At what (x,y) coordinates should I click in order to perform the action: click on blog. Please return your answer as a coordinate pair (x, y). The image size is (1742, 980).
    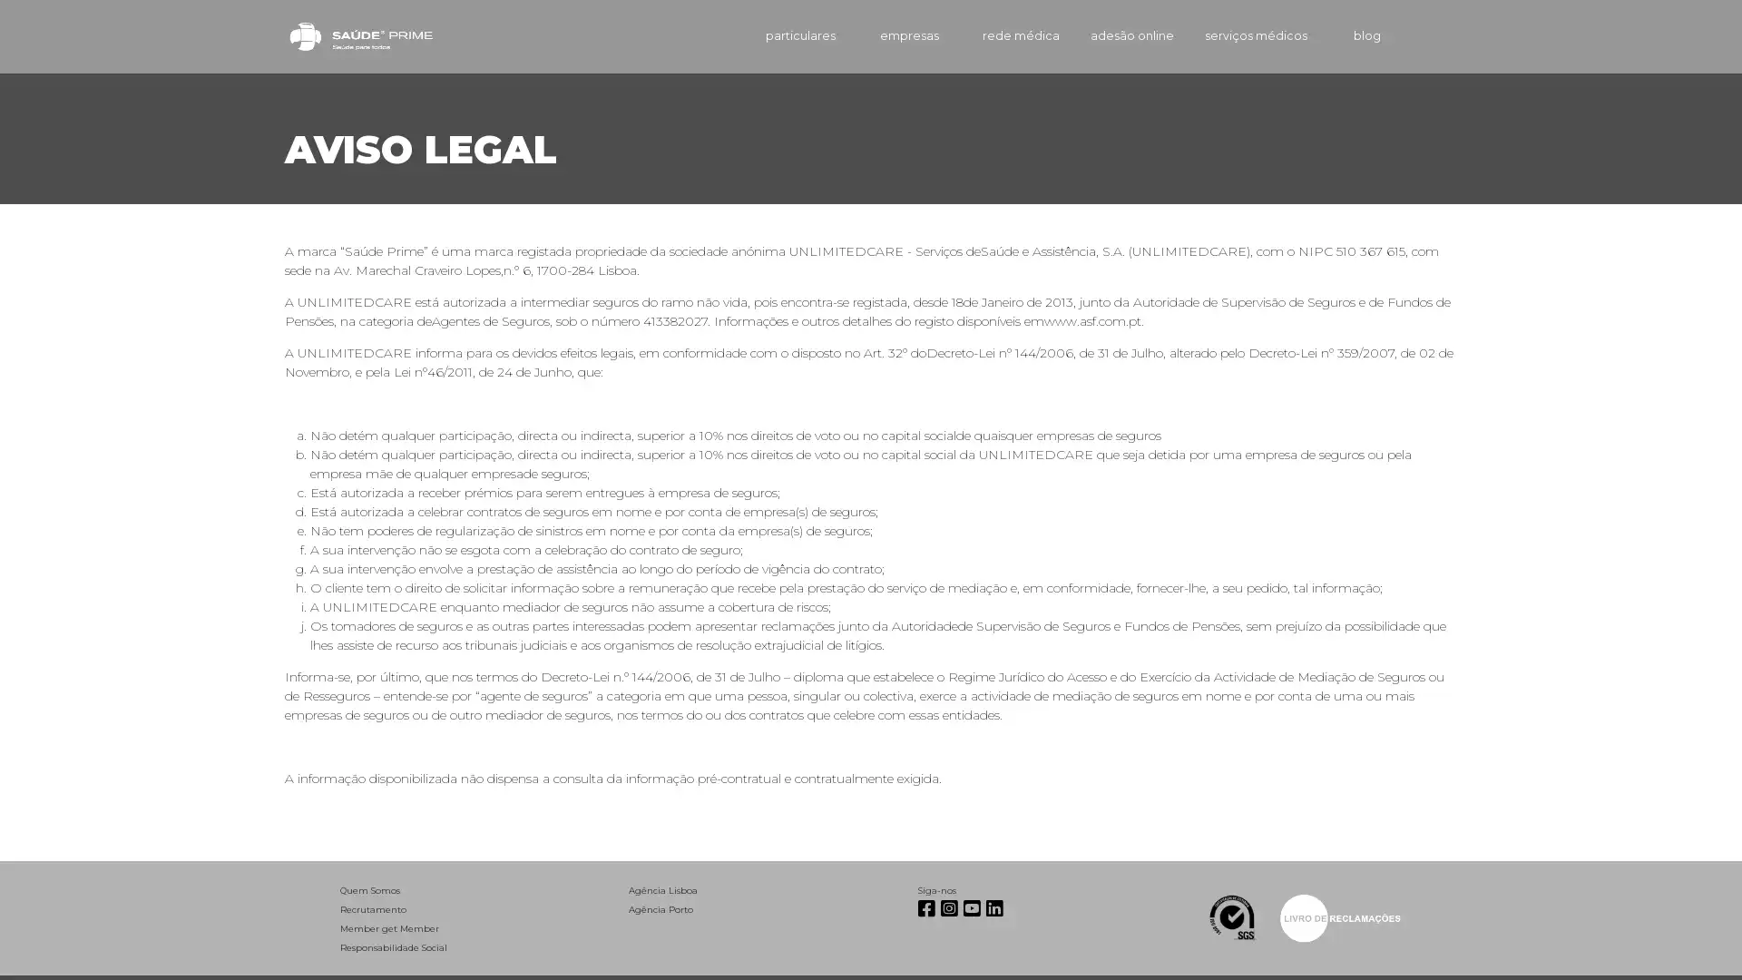
    Looking at the image, I should click on (1351, 35).